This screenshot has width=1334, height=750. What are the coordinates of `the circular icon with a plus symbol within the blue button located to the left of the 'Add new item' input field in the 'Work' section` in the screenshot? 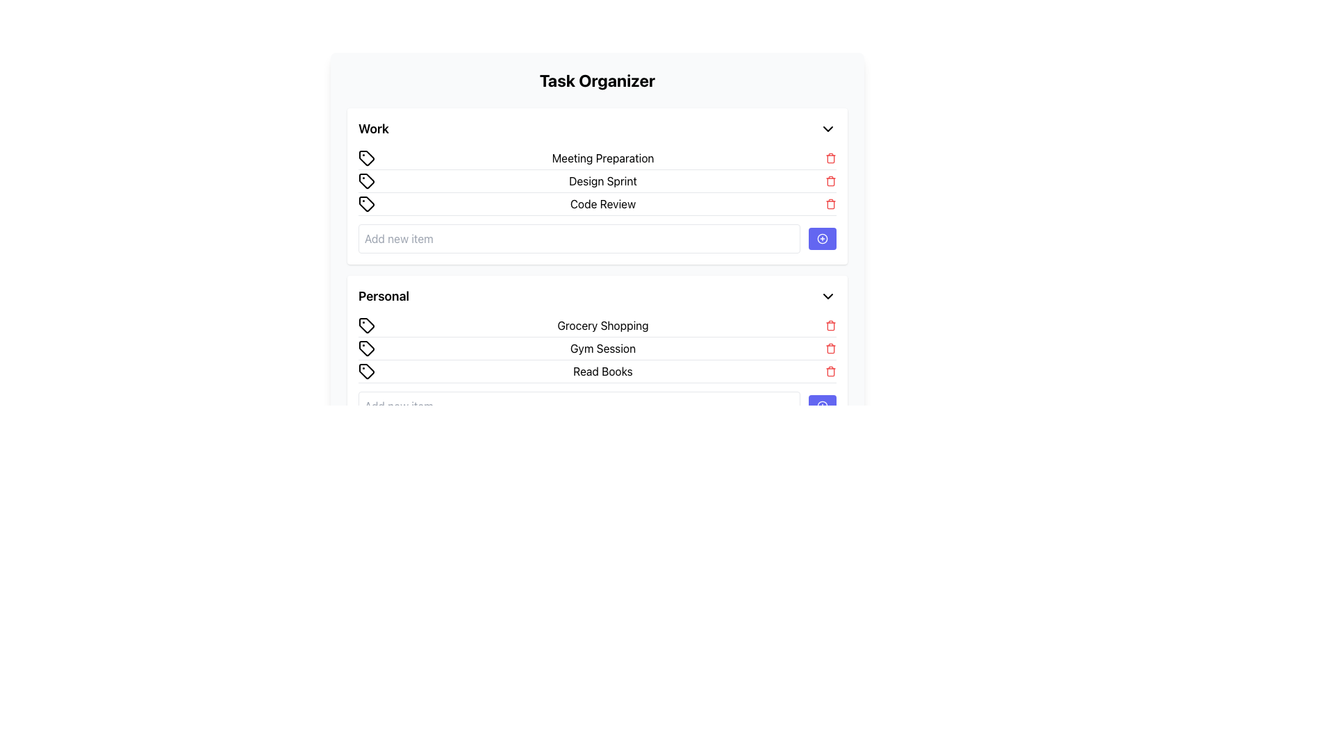 It's located at (823, 237).